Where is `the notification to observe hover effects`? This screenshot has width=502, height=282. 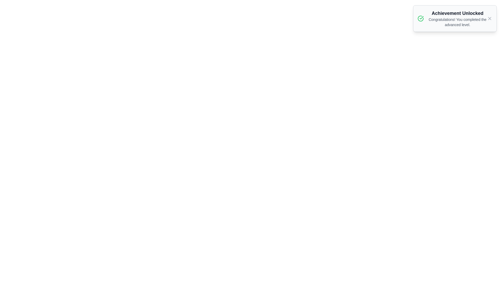
the notification to observe hover effects is located at coordinates (454, 18).